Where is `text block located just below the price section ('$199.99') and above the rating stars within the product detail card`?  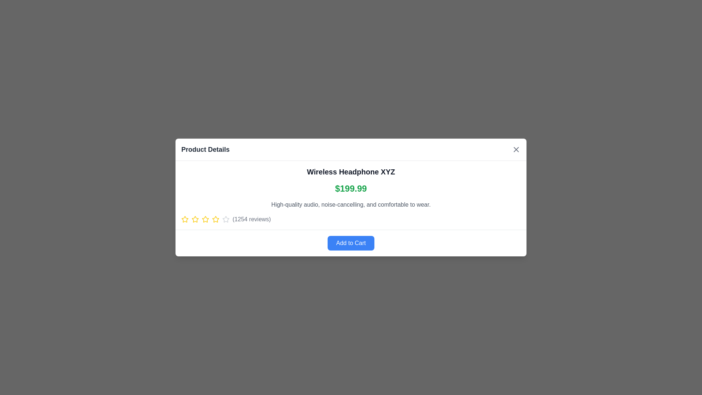
text block located just below the price section ('$199.99') and above the rating stars within the product detail card is located at coordinates (351, 204).